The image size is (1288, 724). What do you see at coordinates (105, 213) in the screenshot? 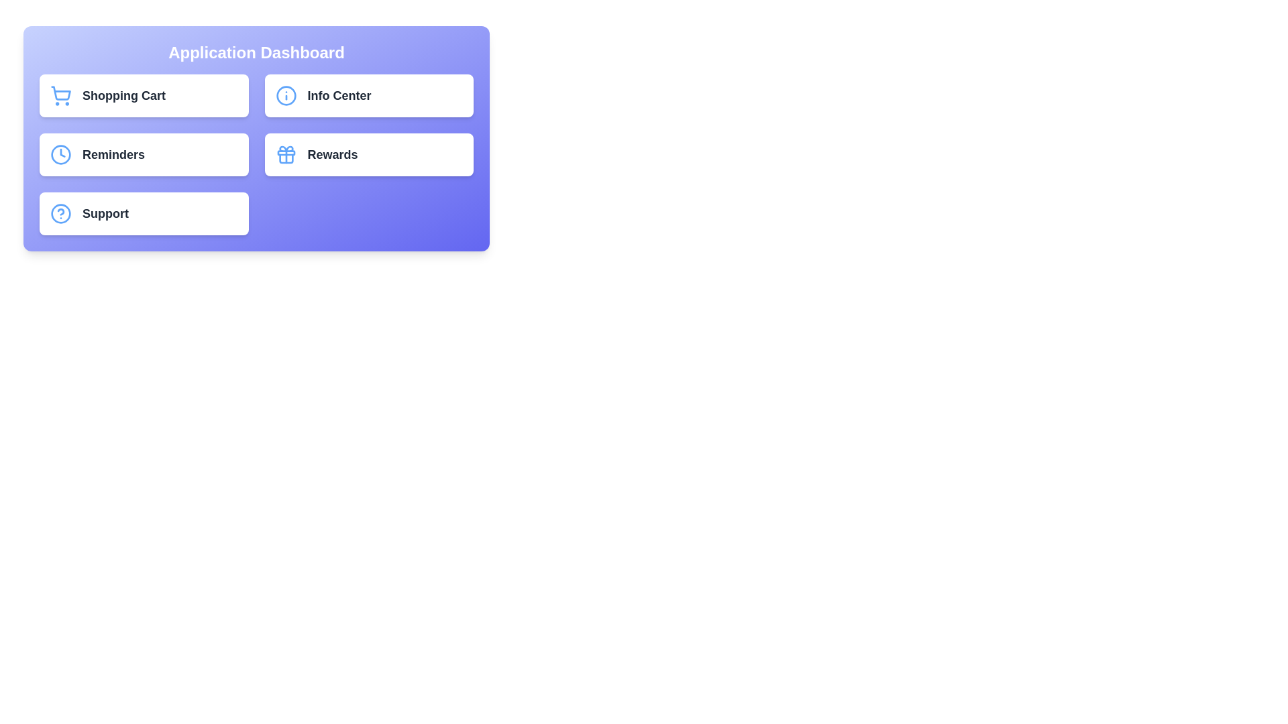
I see `the 'Support' text label, which is styled with a bold font and dark gray color, located within the bottom-left card of a grid layout, adjacent to a circular question mark icon` at bounding box center [105, 213].